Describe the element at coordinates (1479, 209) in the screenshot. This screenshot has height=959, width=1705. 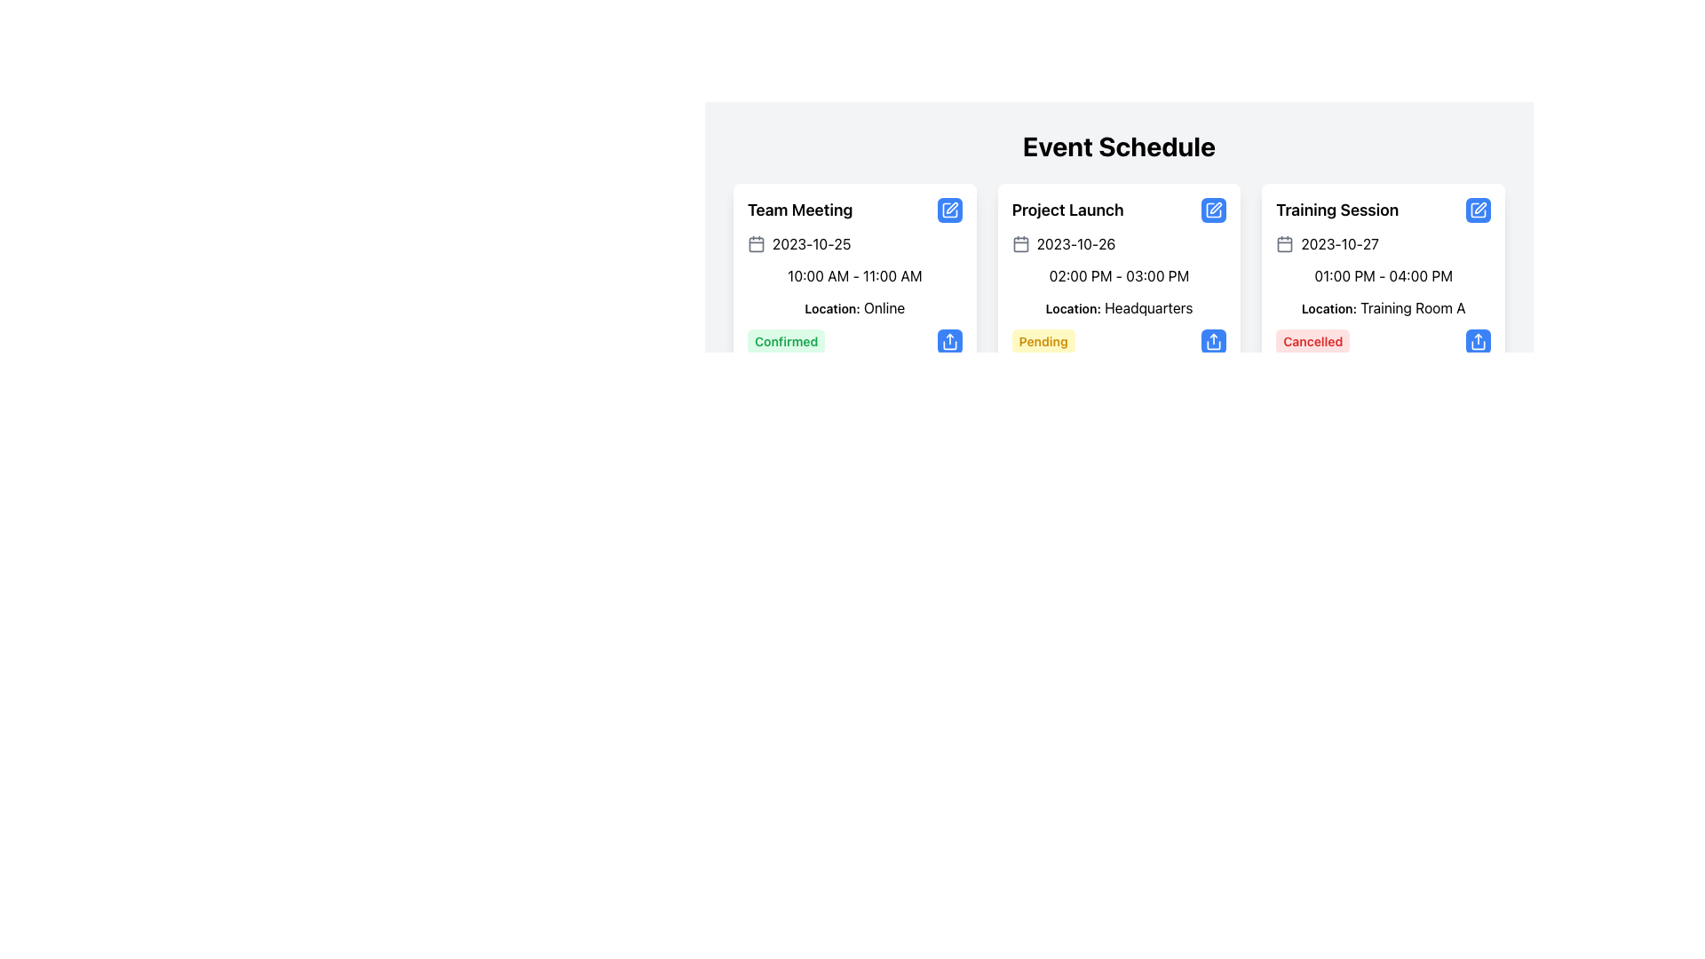
I see `the edit button located at the top-right corner inside the 'Training Session' card` at that location.